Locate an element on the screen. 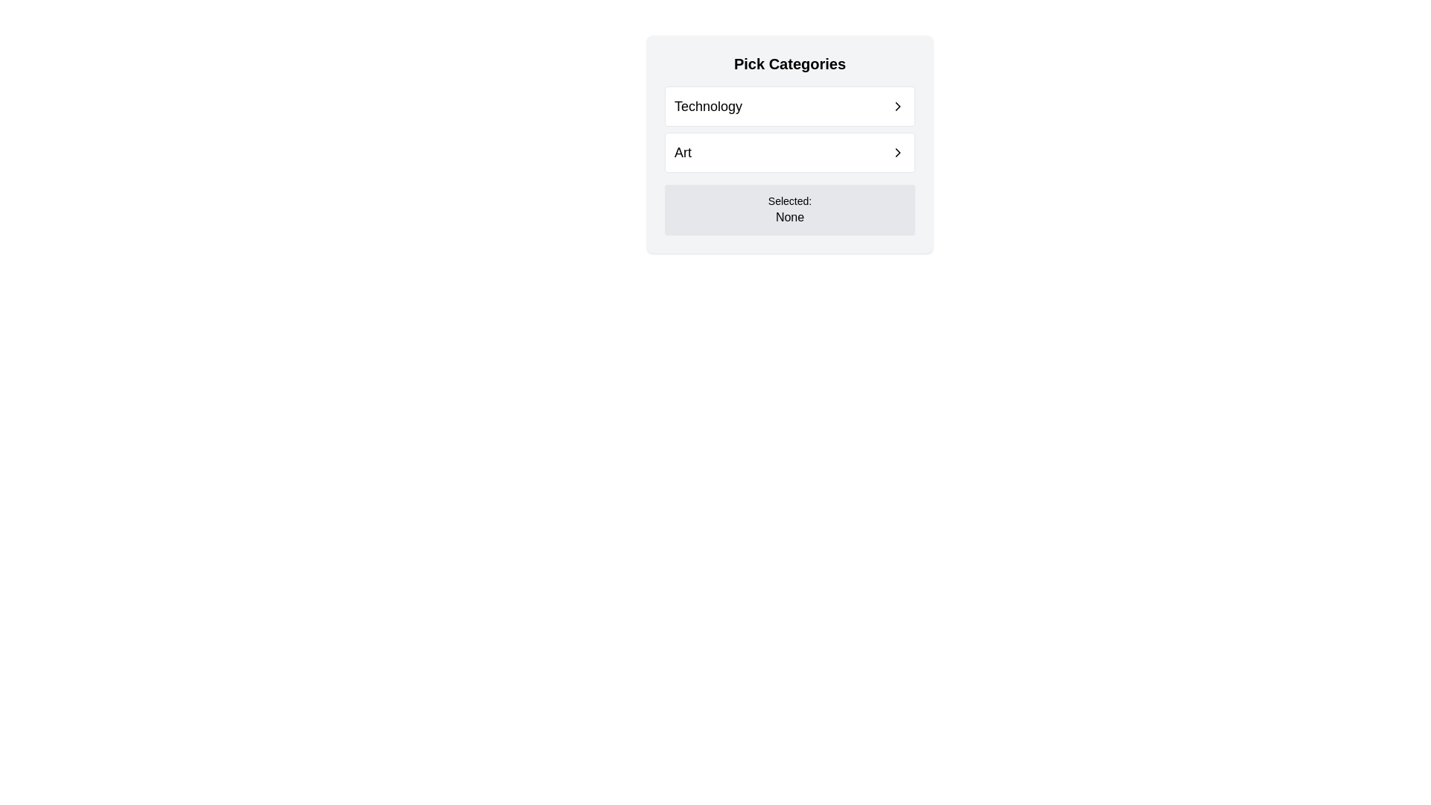  category label text 'Art' located in the second row under the 'Pick Categories' header is located at coordinates (682, 152).